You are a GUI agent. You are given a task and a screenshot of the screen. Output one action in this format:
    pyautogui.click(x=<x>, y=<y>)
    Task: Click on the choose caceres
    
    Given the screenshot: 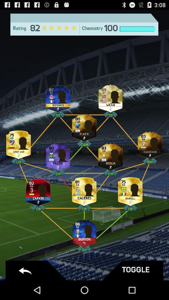 What is the action you would take?
    pyautogui.click(x=84, y=190)
    